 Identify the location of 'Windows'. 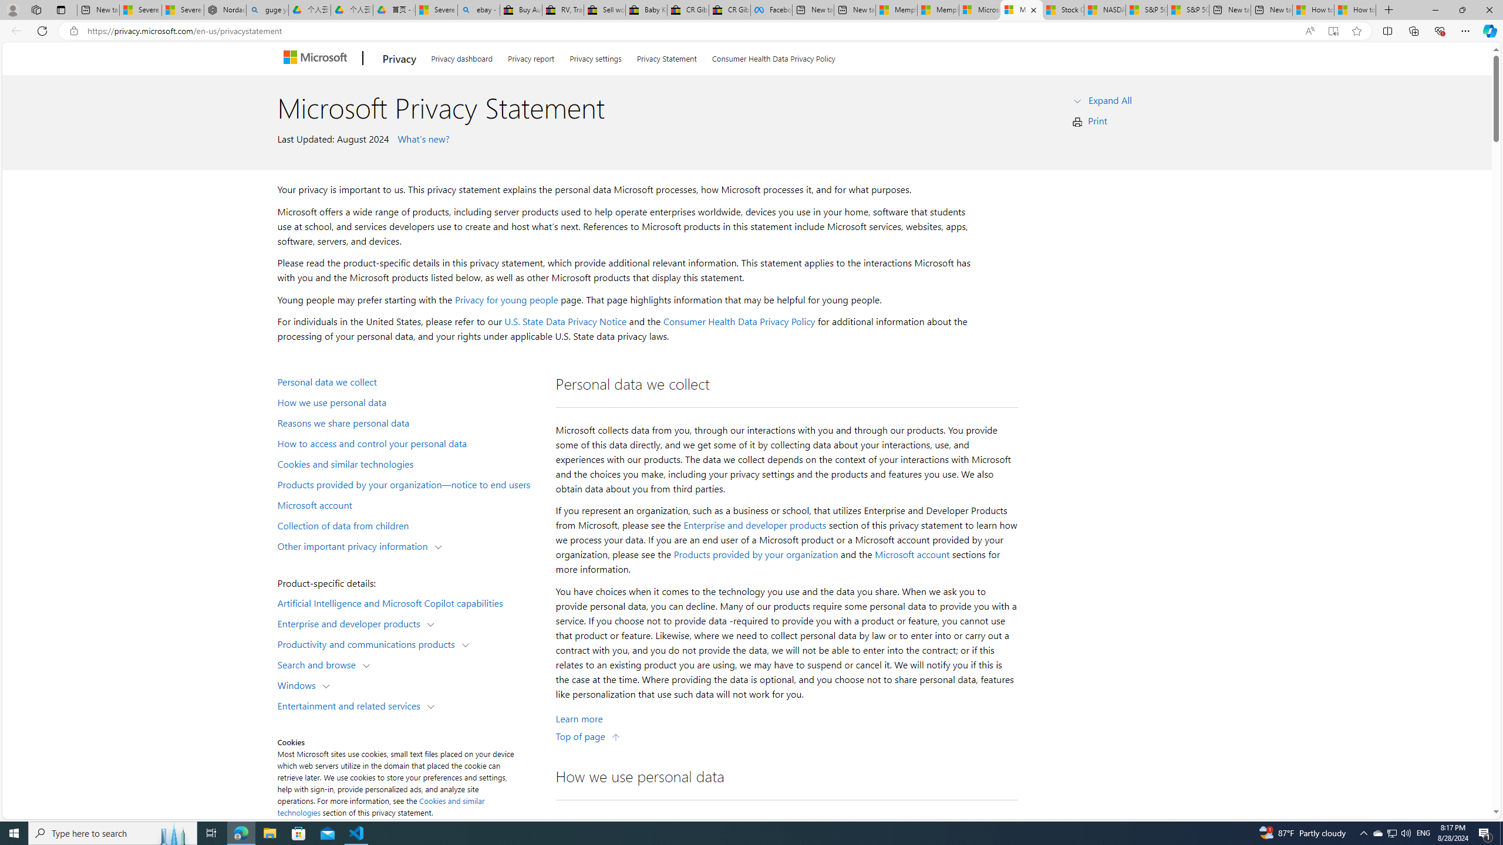
(299, 685).